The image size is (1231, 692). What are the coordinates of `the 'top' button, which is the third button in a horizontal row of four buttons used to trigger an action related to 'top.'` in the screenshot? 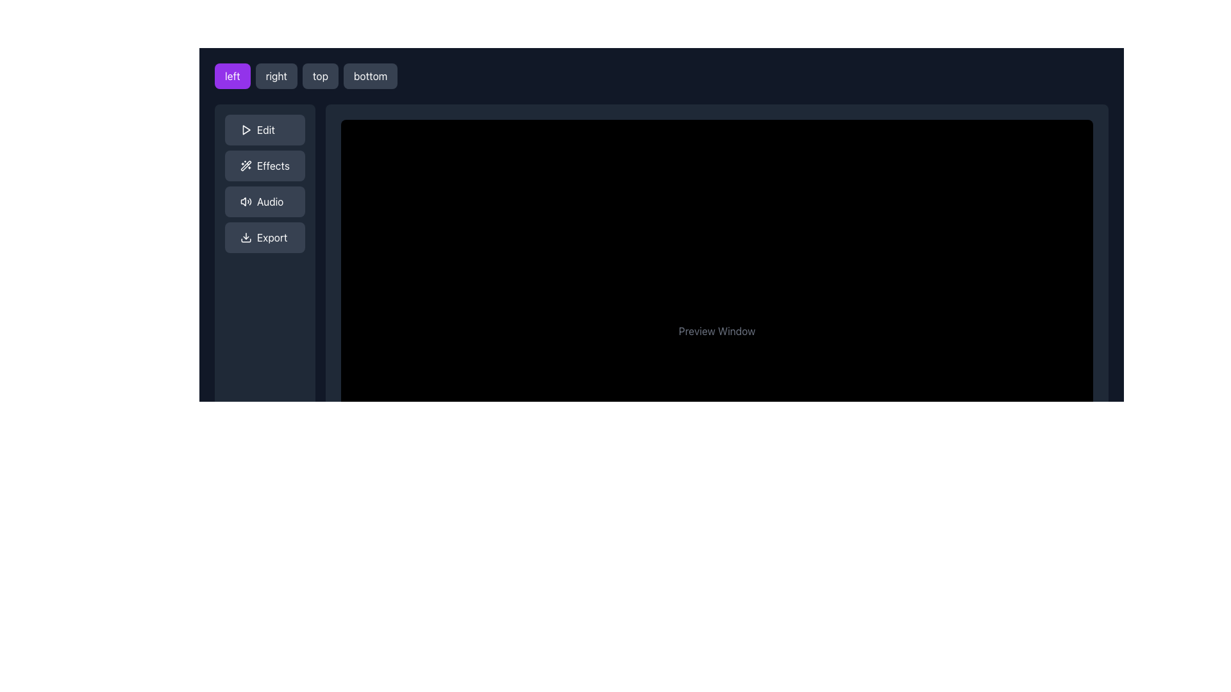 It's located at (320, 76).